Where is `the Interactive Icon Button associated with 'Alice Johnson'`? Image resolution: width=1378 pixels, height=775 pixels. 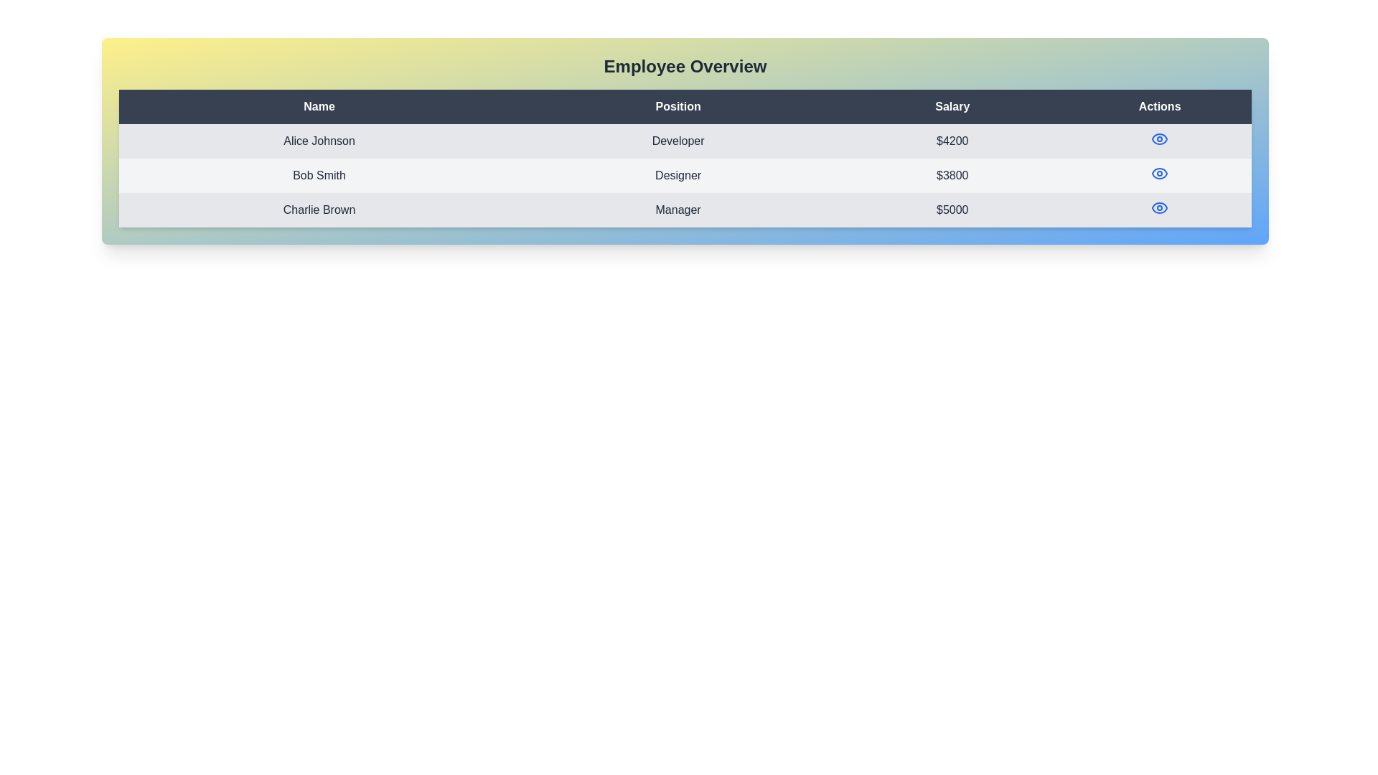 the Interactive Icon Button associated with 'Alice Johnson' is located at coordinates (1160, 141).